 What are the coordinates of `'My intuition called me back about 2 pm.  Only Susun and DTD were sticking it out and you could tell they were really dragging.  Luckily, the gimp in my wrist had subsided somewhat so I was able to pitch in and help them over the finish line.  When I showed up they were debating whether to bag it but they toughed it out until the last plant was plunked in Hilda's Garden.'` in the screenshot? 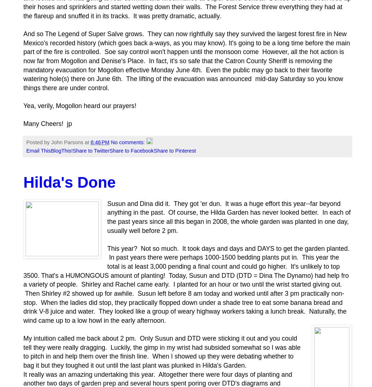 It's located at (162, 351).